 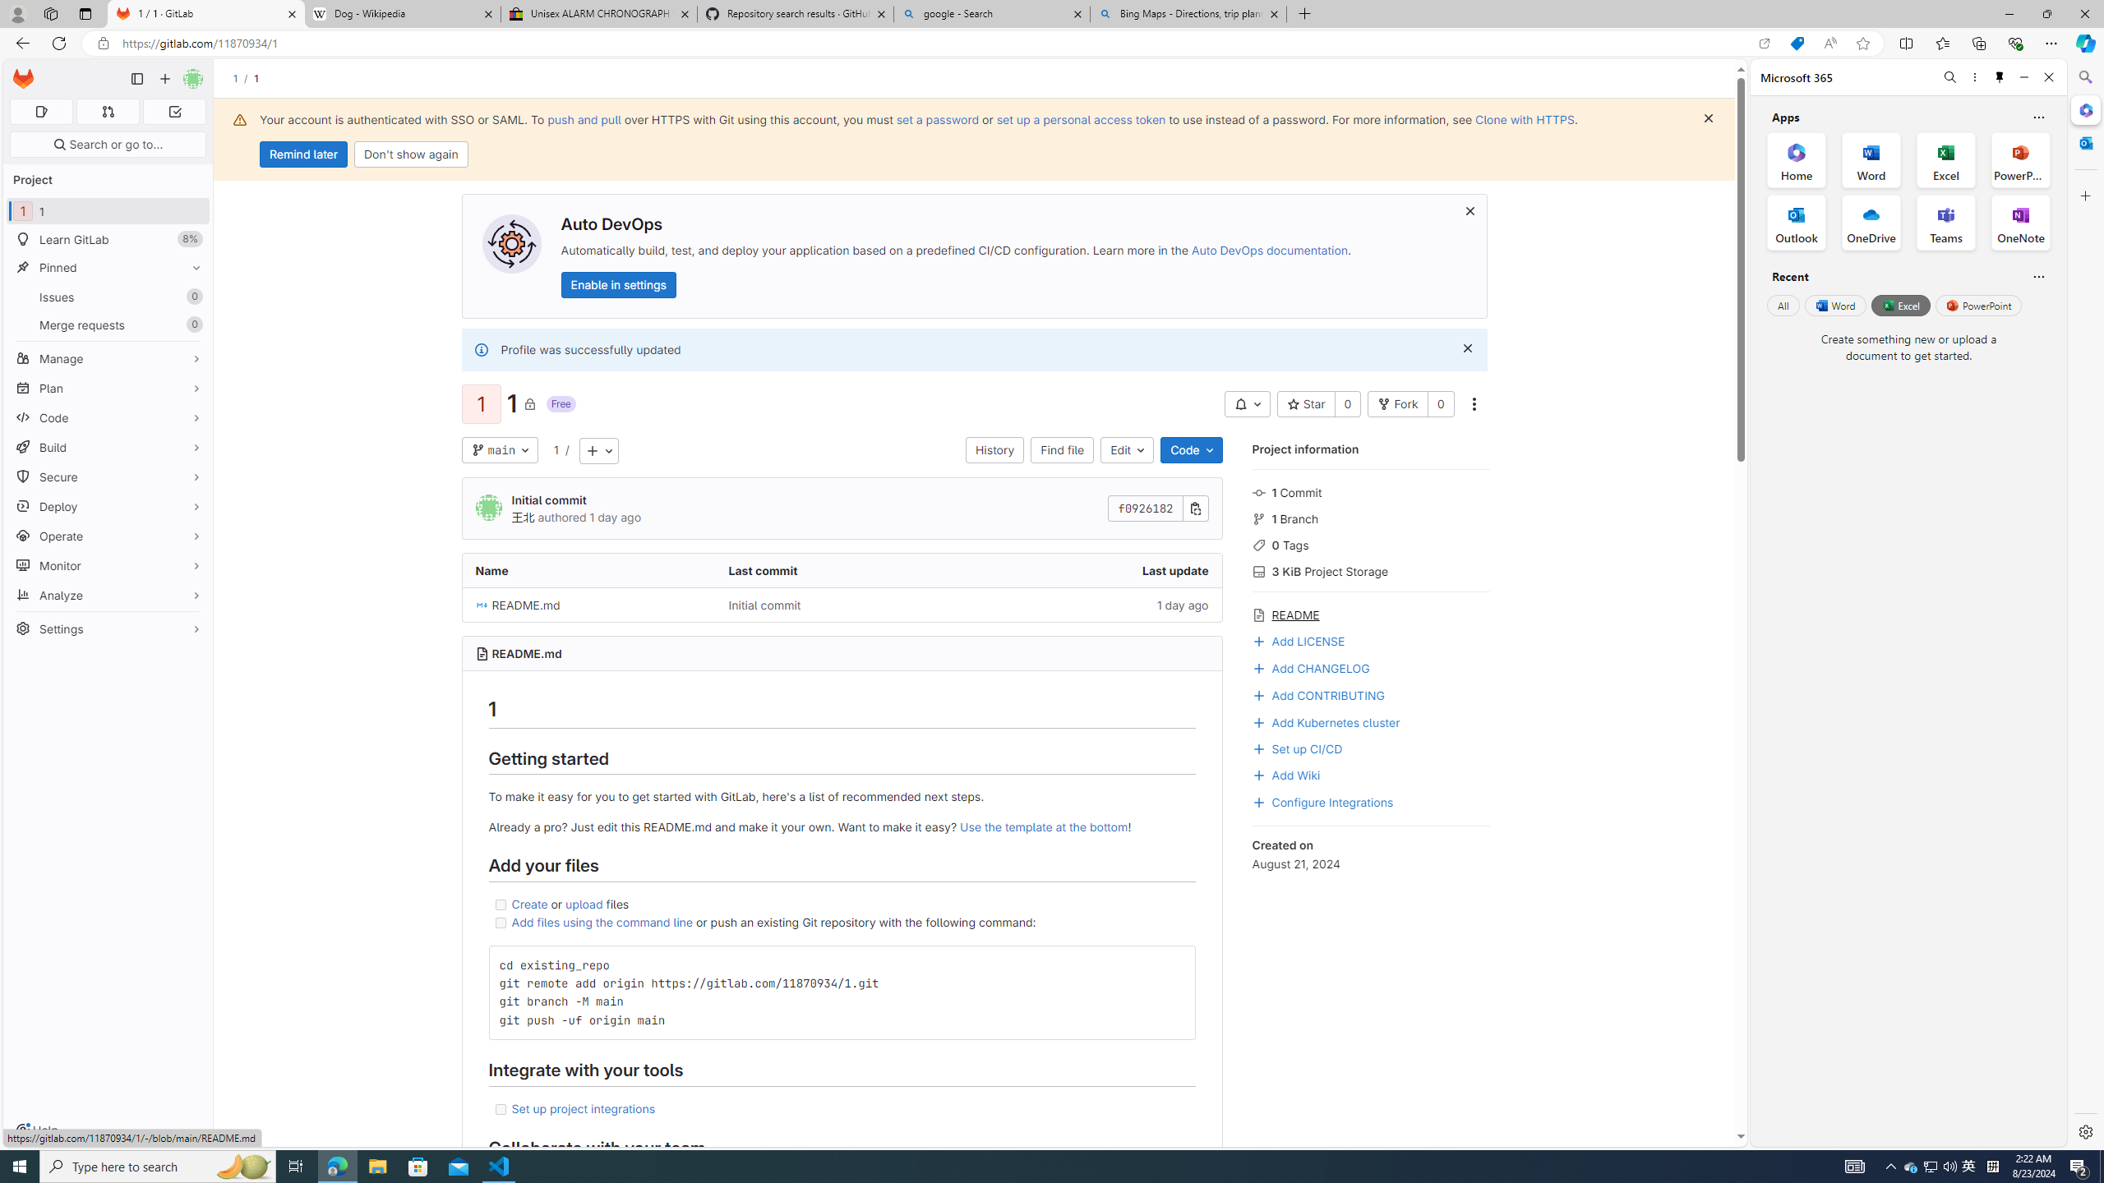 I want to click on 'Class: tree-item', so click(x=842, y=604).